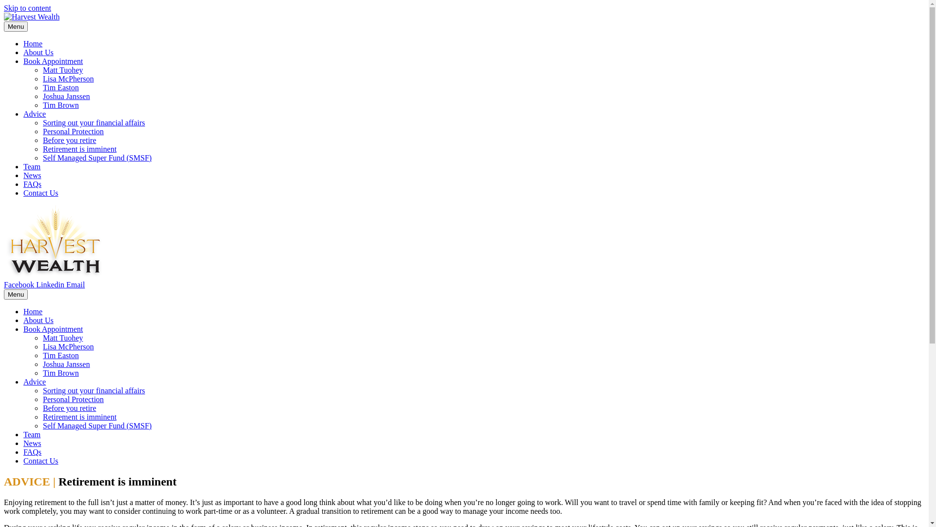  I want to click on 'Team', so click(32, 166).